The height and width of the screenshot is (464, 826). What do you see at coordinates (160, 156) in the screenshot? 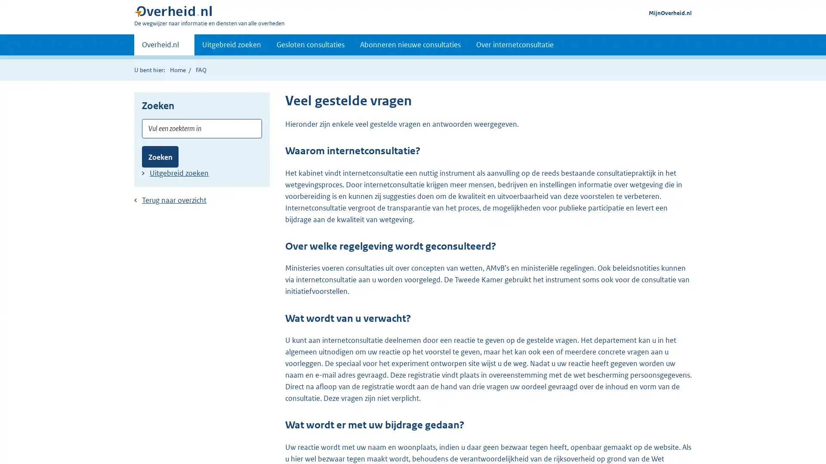
I see `Zoeken` at bounding box center [160, 156].